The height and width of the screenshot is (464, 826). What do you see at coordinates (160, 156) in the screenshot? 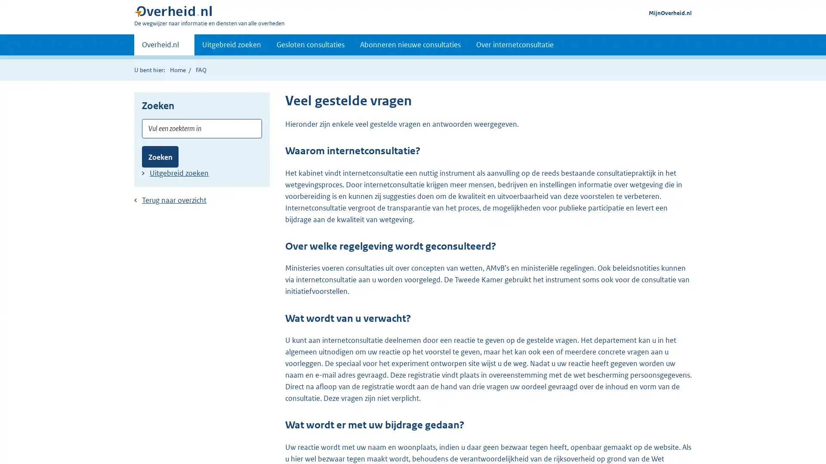
I see `Zoeken` at bounding box center [160, 156].